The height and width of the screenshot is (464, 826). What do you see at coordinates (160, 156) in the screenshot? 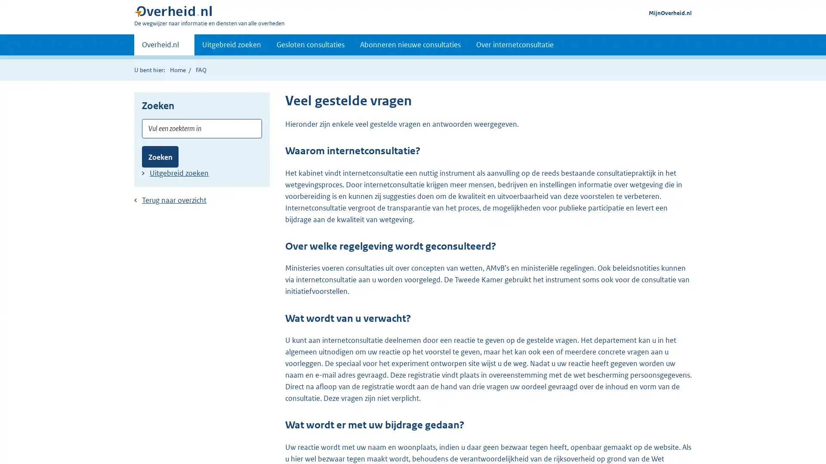
I see `Zoeken` at bounding box center [160, 156].